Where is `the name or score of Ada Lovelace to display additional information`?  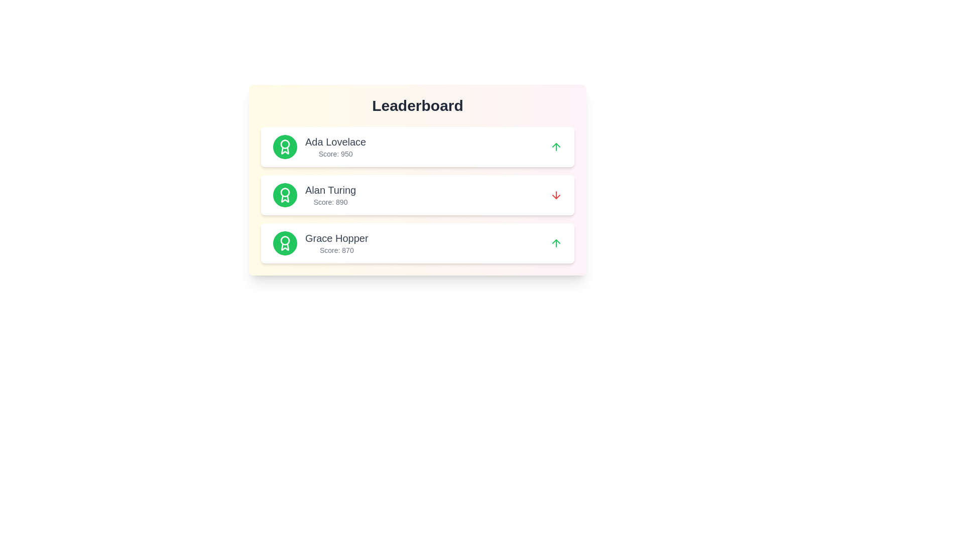 the name or score of Ada Lovelace to display additional information is located at coordinates (335, 142).